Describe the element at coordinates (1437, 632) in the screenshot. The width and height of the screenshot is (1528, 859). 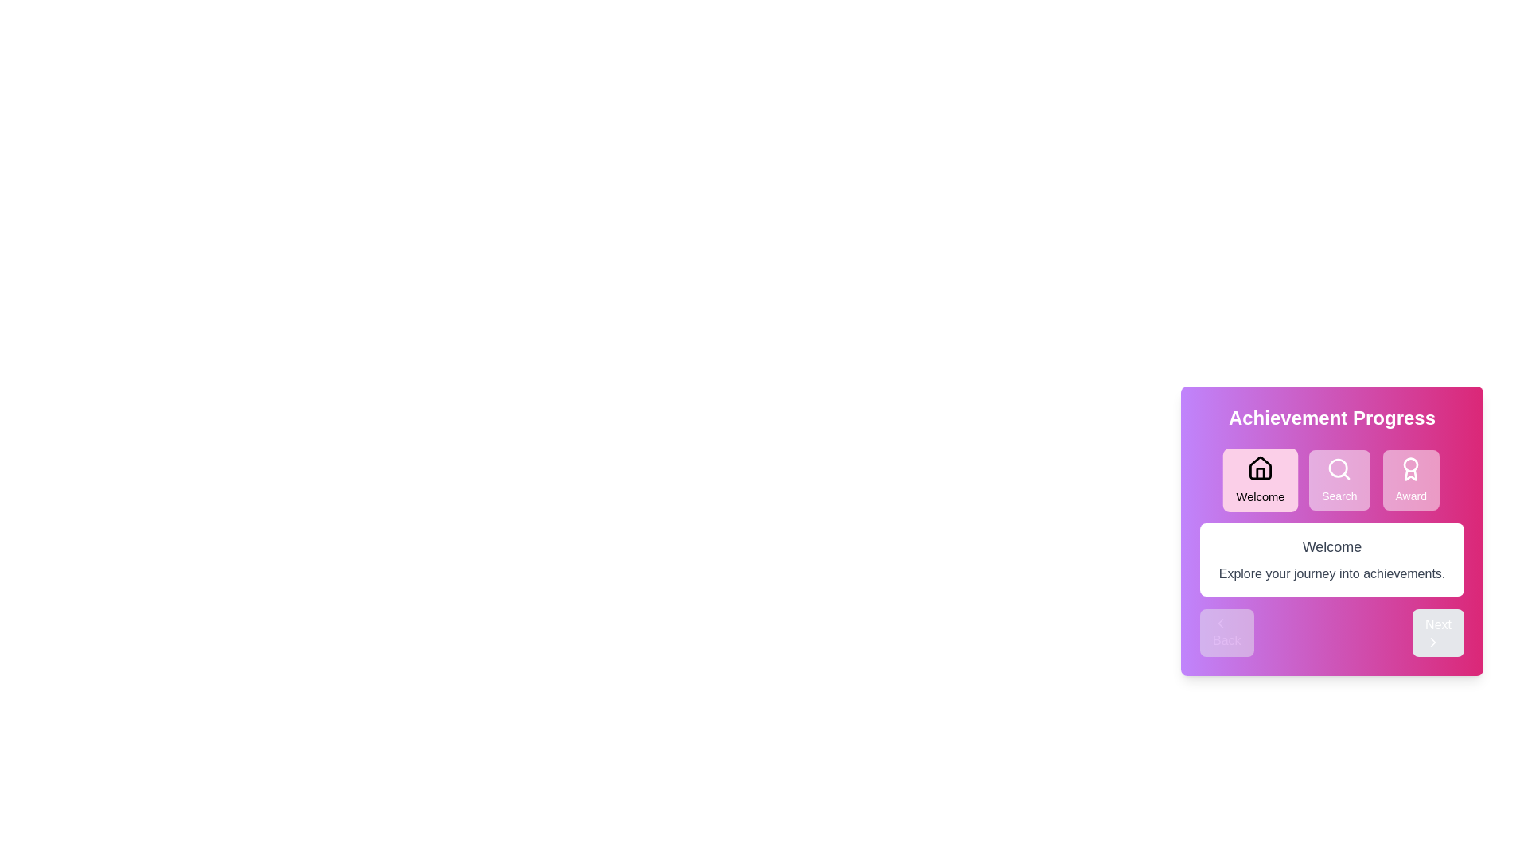
I see `the 'Next' button to advance the stepper to the next step` at that location.